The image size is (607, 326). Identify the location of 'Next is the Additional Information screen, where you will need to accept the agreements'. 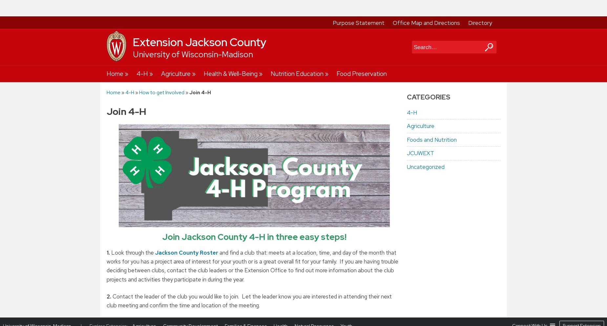
(231, 247).